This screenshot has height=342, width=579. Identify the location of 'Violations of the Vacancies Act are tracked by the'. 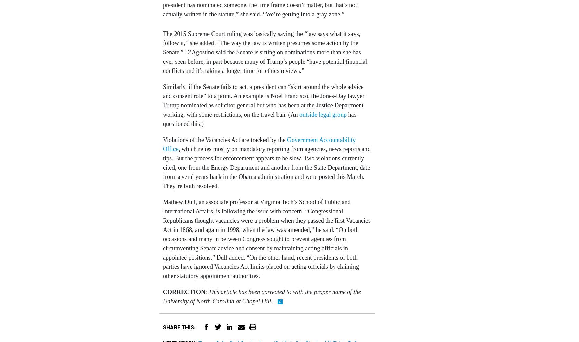
(225, 140).